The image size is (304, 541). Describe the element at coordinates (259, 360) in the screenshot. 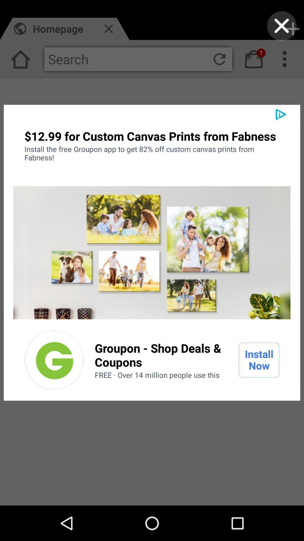

I see `the install now item` at that location.